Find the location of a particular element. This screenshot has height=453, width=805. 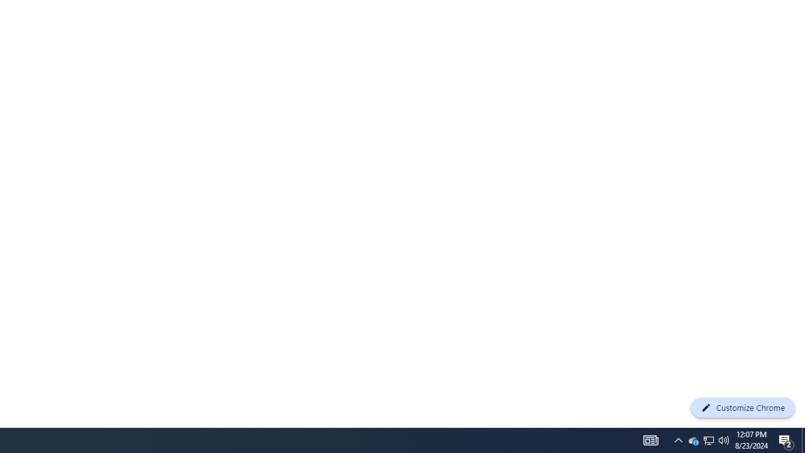

'Customize Chrome' is located at coordinates (743, 408).